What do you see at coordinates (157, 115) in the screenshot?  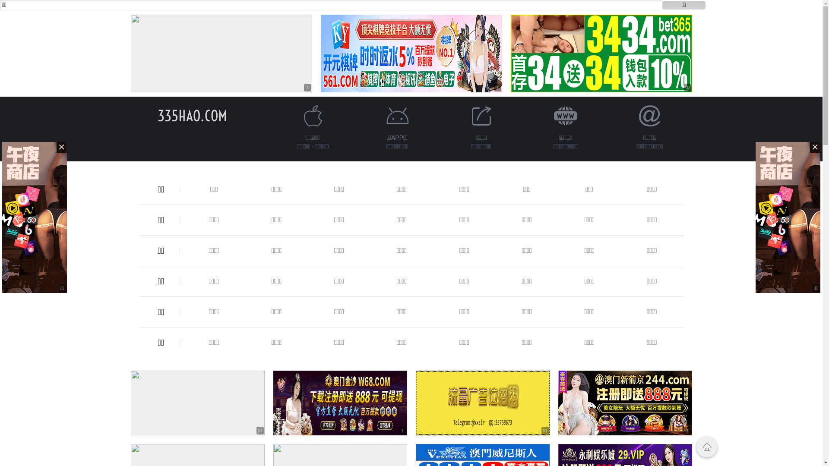 I see `'335HAO.COM'` at bounding box center [157, 115].